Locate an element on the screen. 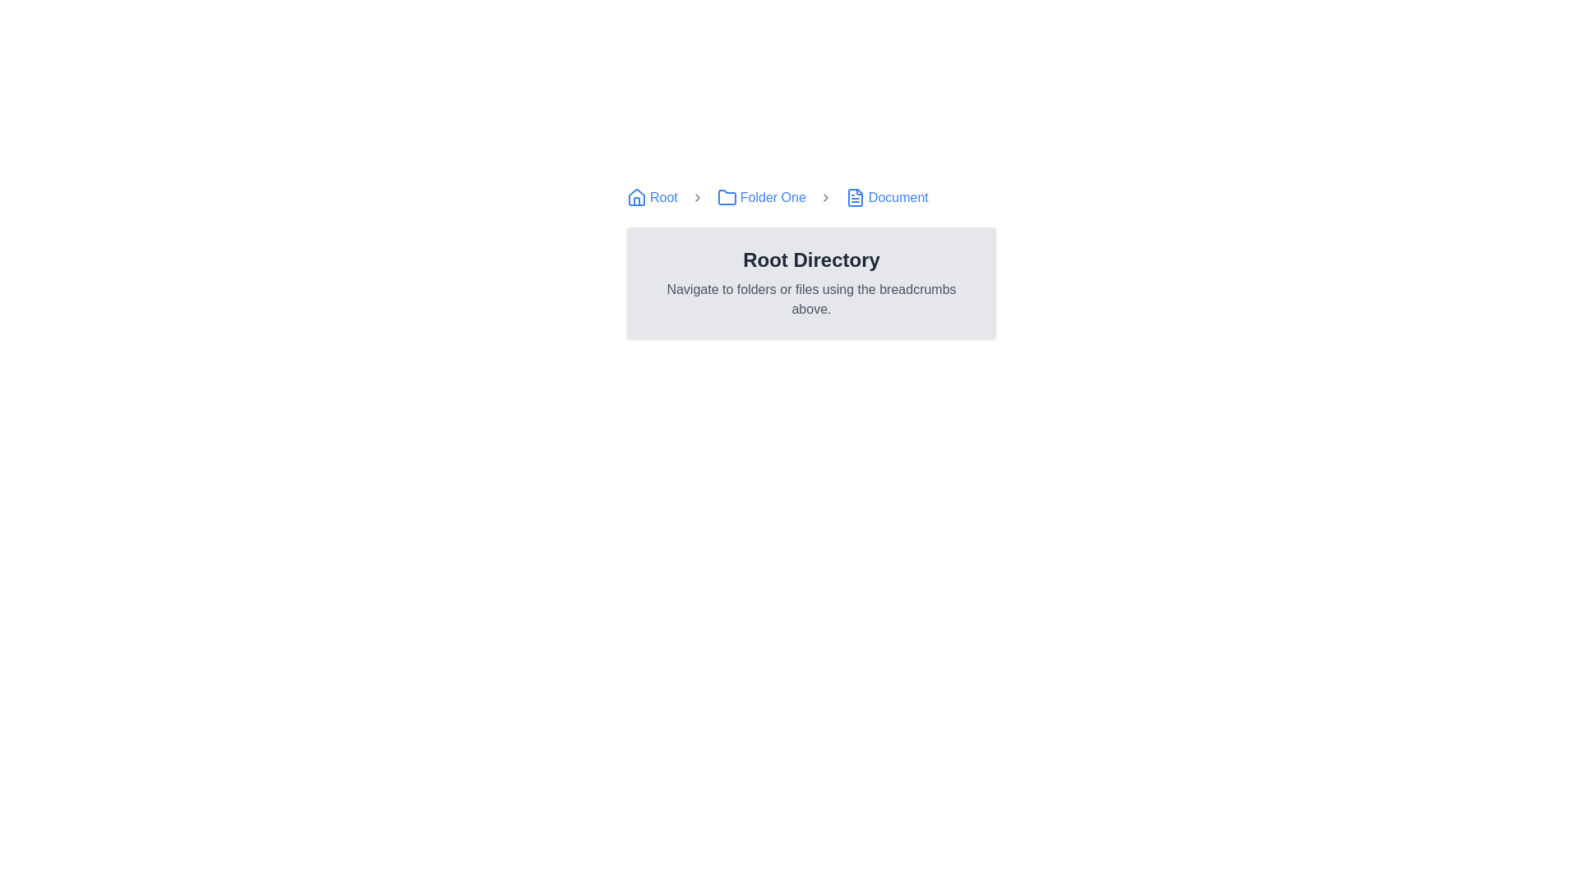  the folder icon representing 'Folder One' in the breadcrumb navigation, which is styled with a clean and modern look, featuring rounded edges and a rectangular base is located at coordinates (726, 196).